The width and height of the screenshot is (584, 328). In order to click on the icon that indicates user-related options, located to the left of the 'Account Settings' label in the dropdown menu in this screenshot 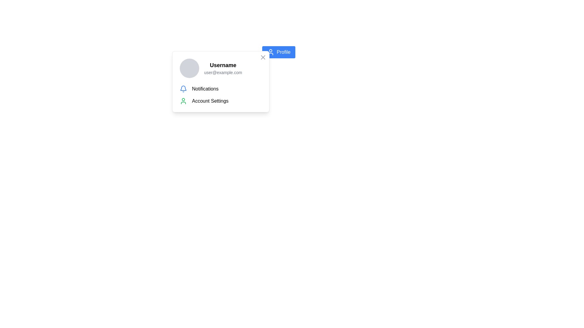, I will do `click(183, 101)`.